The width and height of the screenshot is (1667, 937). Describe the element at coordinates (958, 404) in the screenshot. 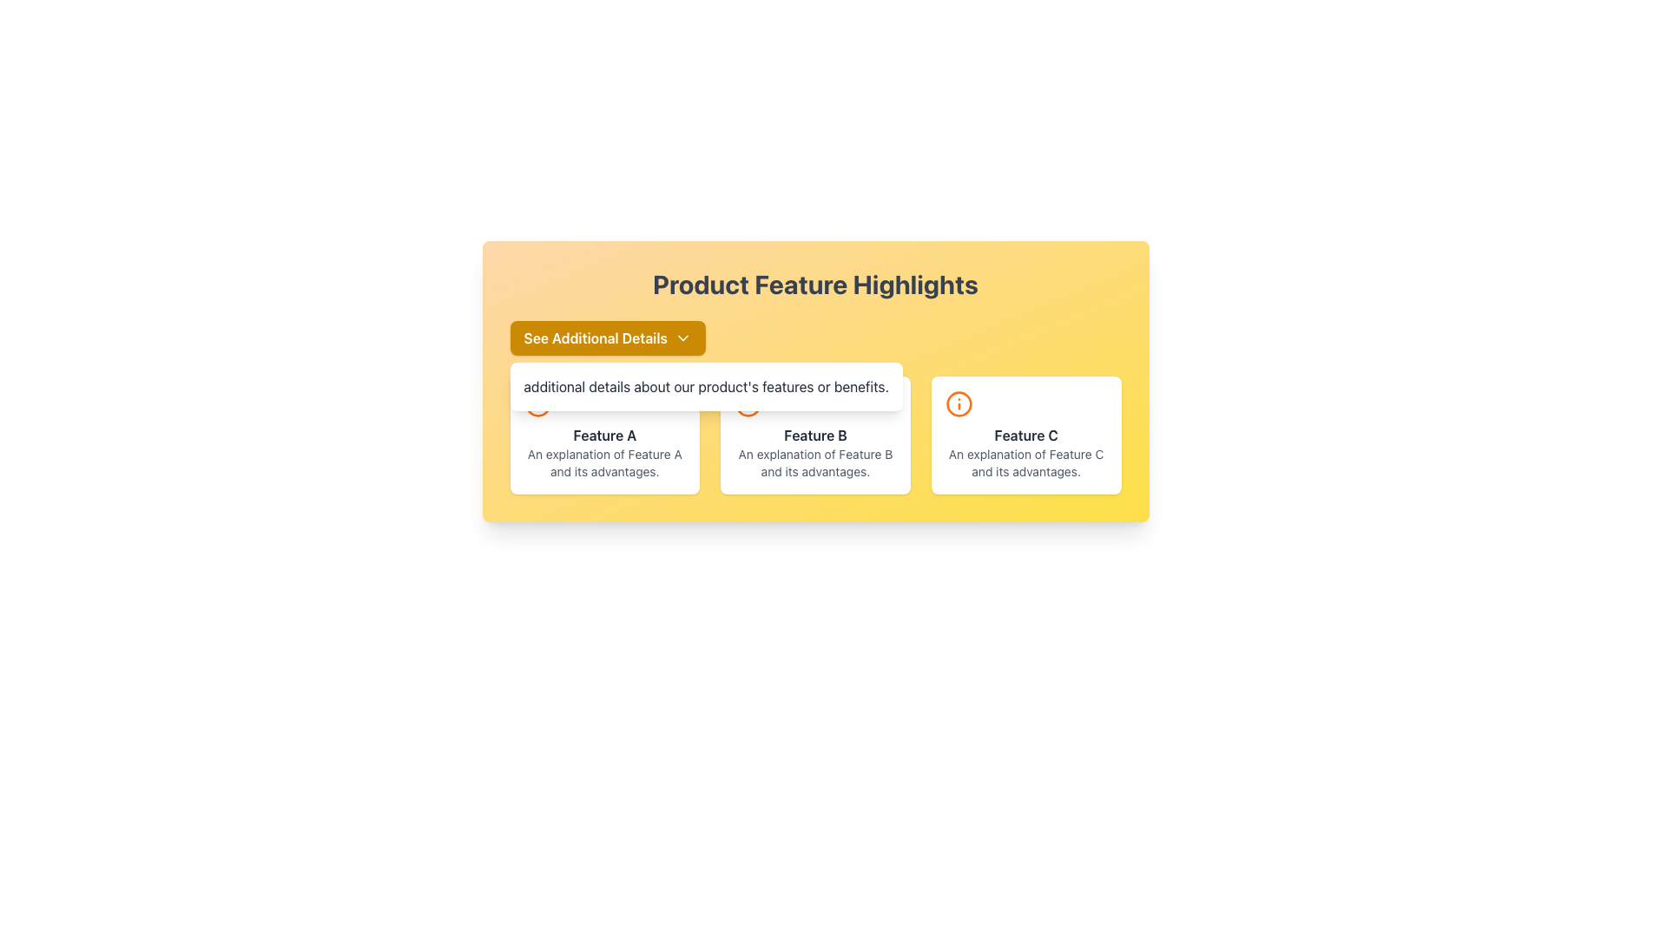

I see `the circular graphic element located in the 'Feature C' card, which enhances the iconography of the interface` at that location.